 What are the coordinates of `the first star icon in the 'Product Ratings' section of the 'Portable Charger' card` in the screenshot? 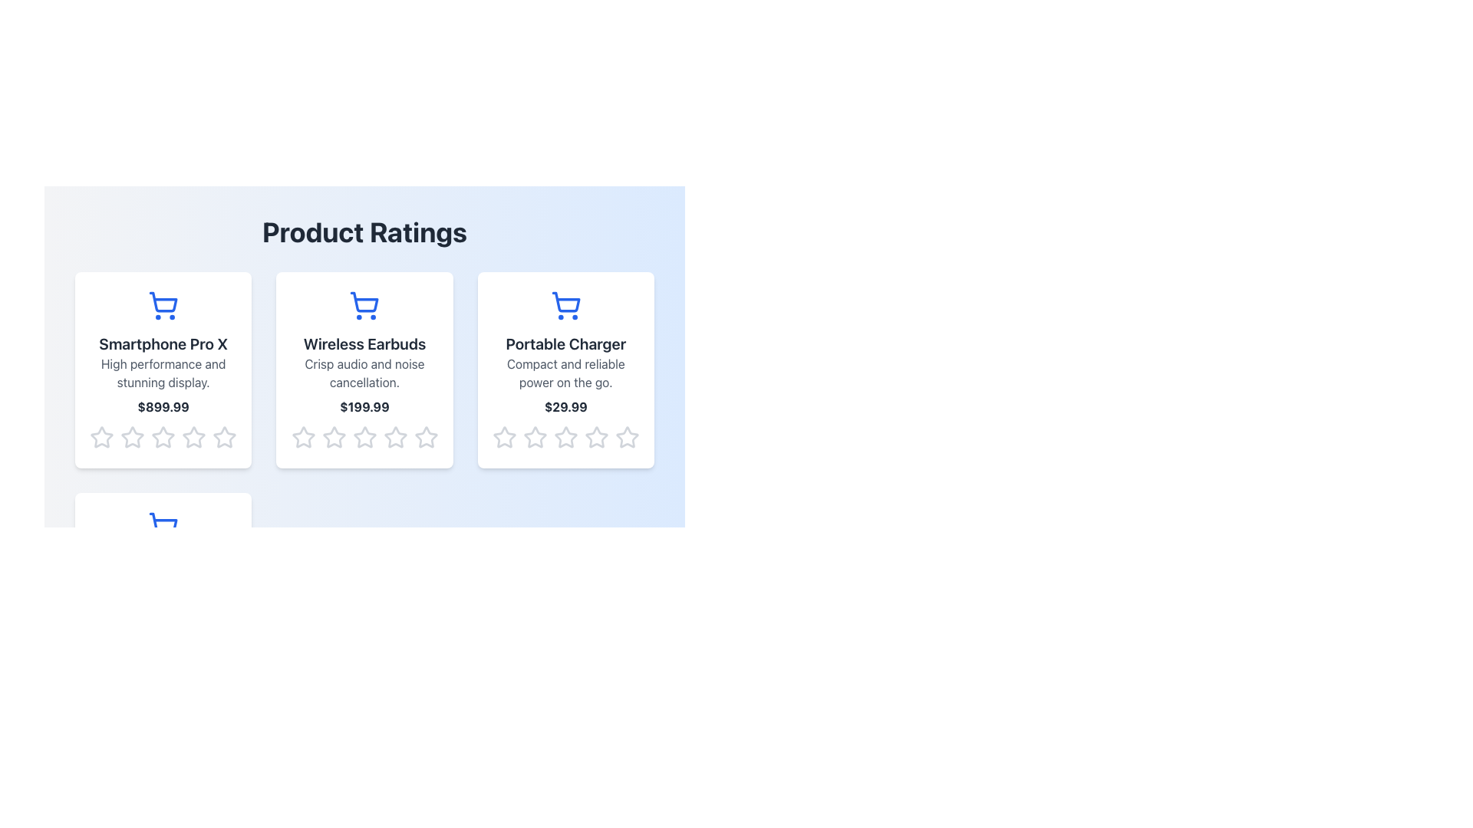 It's located at (504, 437).